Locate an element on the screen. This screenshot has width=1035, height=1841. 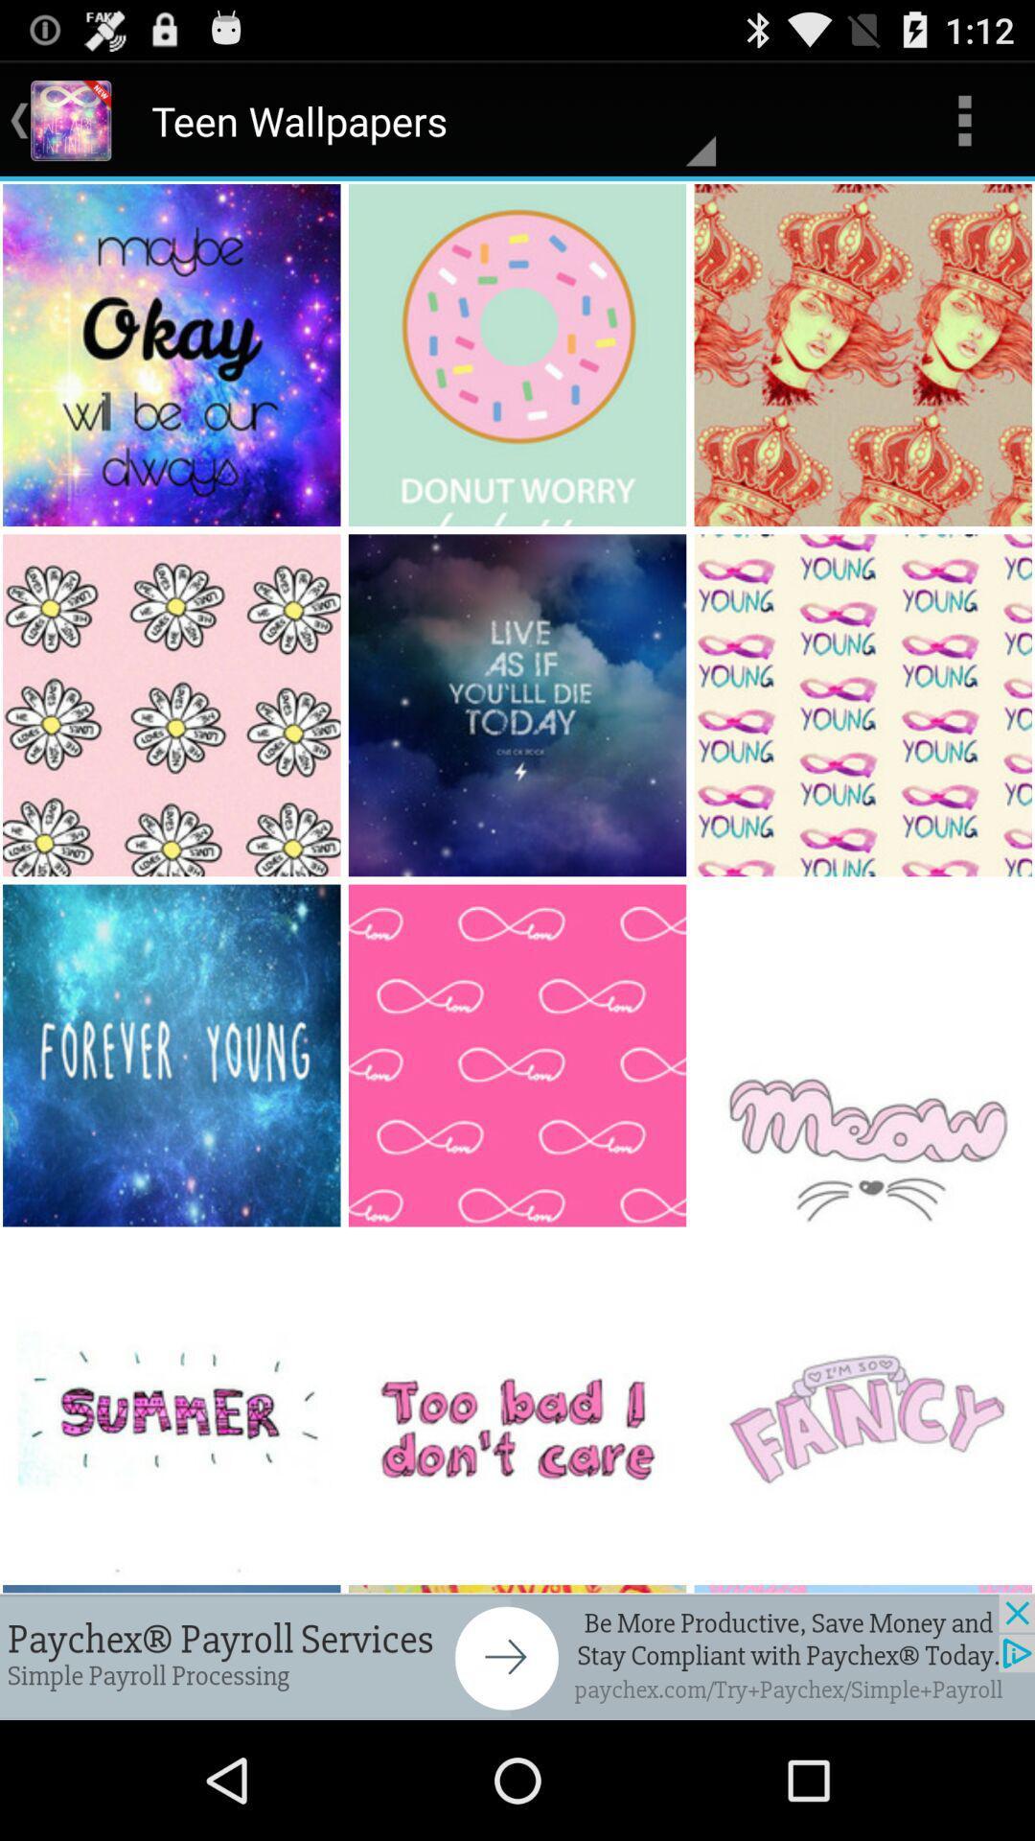
the image which says fancy which is on bottom right of the page is located at coordinates (864, 1406).